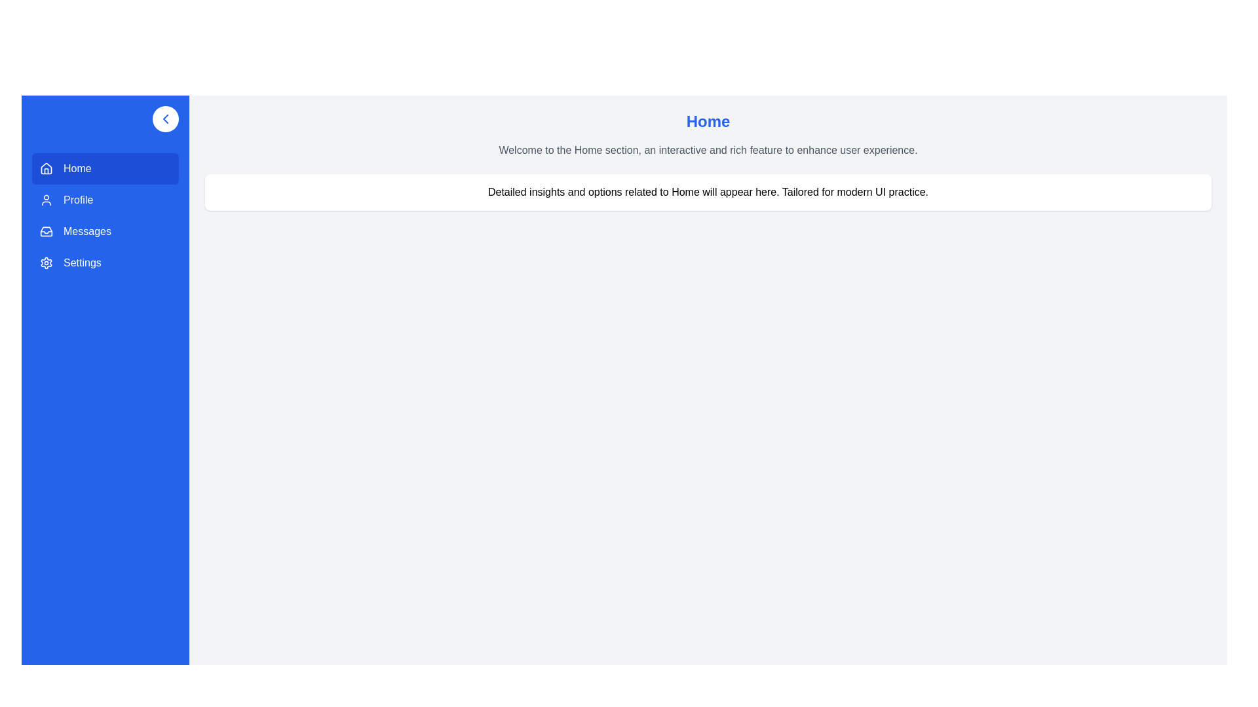 The image size is (1258, 707). I want to click on the menu item Profile to navigate to its section, so click(105, 200).